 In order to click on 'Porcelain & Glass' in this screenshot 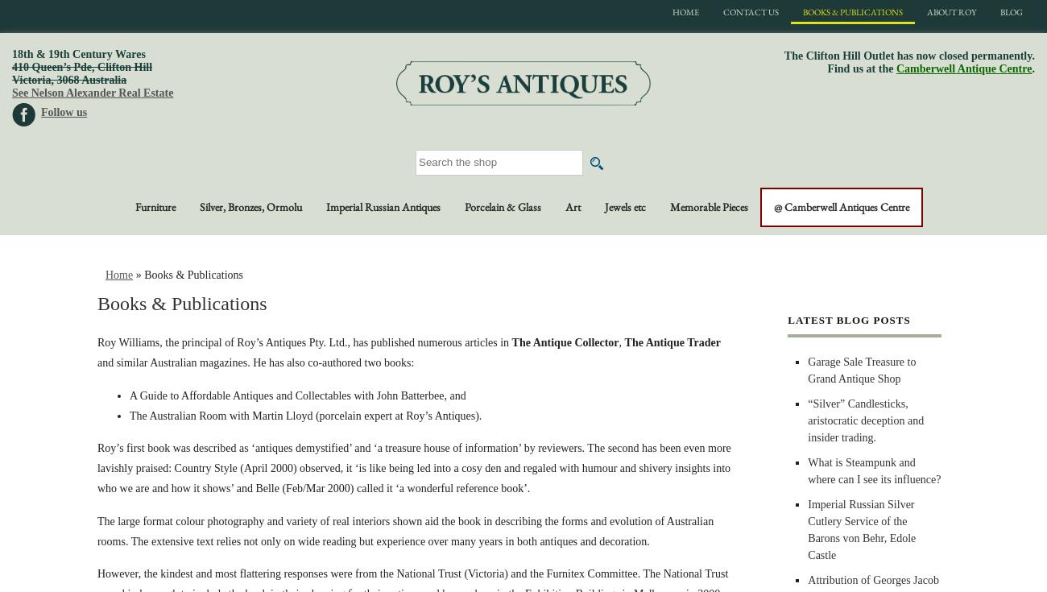, I will do `click(503, 206)`.